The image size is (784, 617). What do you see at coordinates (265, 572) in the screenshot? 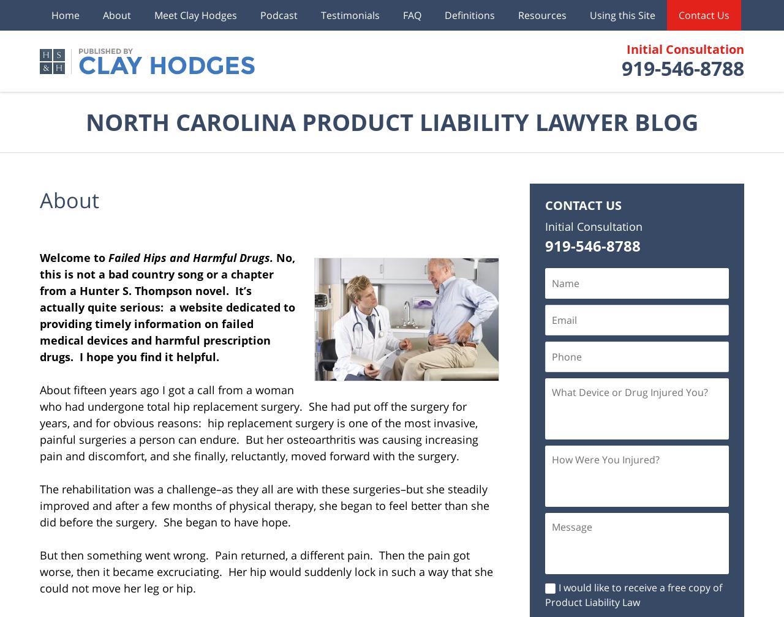
I see `'But then something went wrong.  Pain returned, a different pain.  Then the pain got worse, then it became excruciating.  Her hip would suddenly lock in such a way that she could not move her leg or hip.'` at bounding box center [265, 572].